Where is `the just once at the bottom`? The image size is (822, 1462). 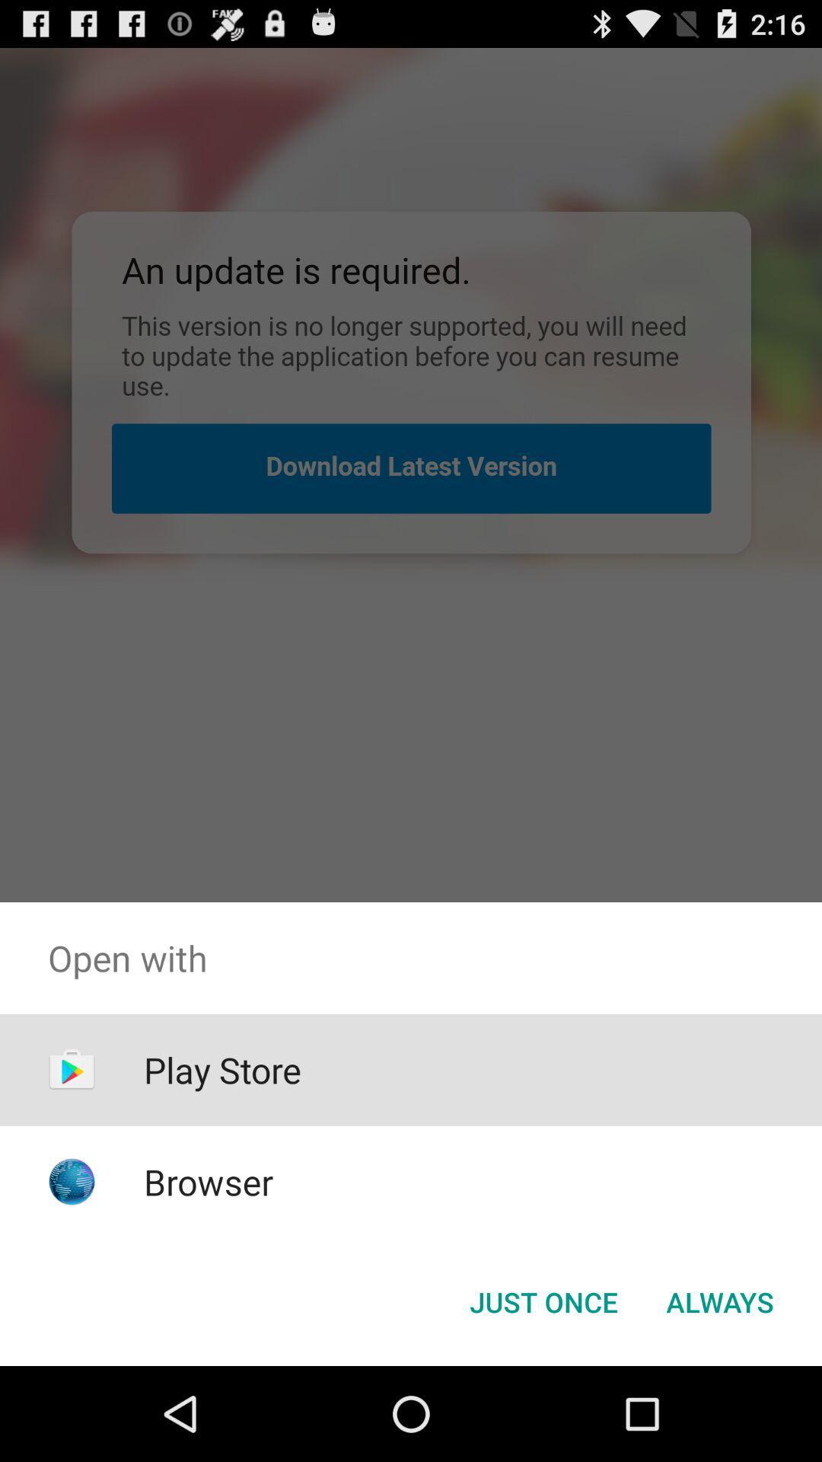 the just once at the bottom is located at coordinates (543, 1301).